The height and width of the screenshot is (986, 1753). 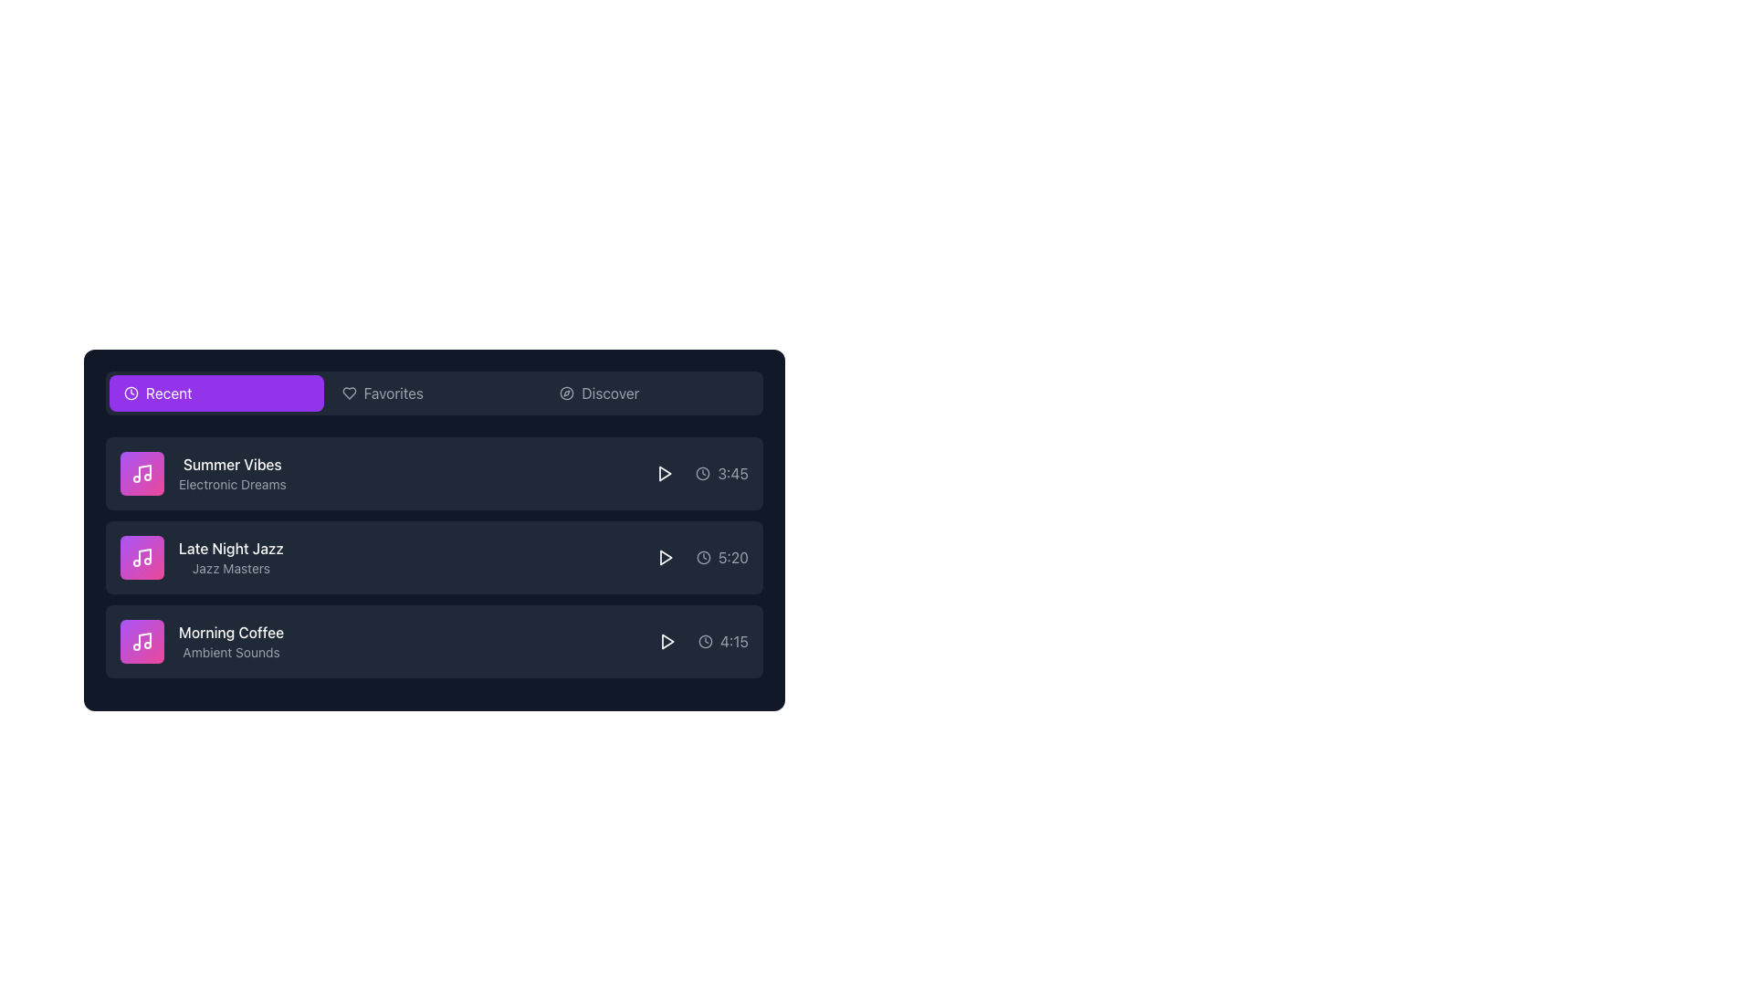 What do you see at coordinates (142, 640) in the screenshot?
I see `the music icon associated with the track 'Morning Coffee' located at the start of the third row, which is encapsulated within a button labeled 'Morning Coffee' and 'Ambient Sounds'` at bounding box center [142, 640].